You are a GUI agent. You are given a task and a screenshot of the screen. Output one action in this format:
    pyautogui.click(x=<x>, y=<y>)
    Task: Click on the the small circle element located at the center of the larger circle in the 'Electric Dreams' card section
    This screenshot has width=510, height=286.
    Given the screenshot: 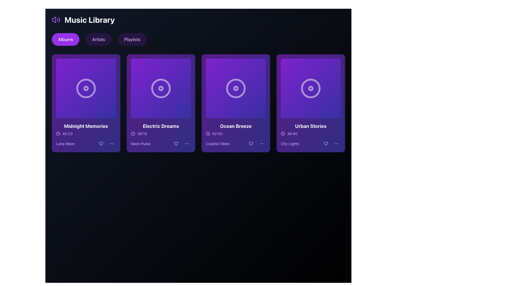 What is the action you would take?
    pyautogui.click(x=160, y=88)
    